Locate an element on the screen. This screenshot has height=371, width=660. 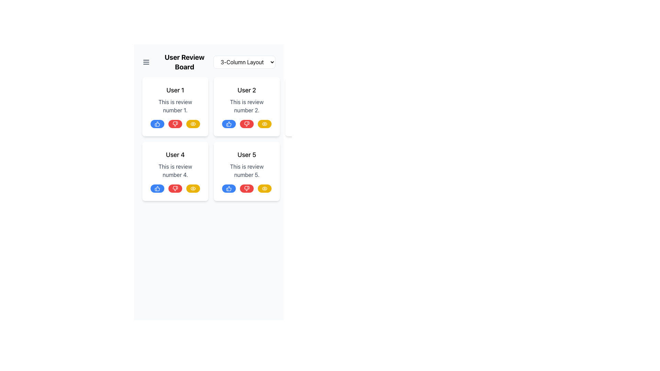
the dropdown menu located in the top-right section of the user review interface is located at coordinates (244, 62).